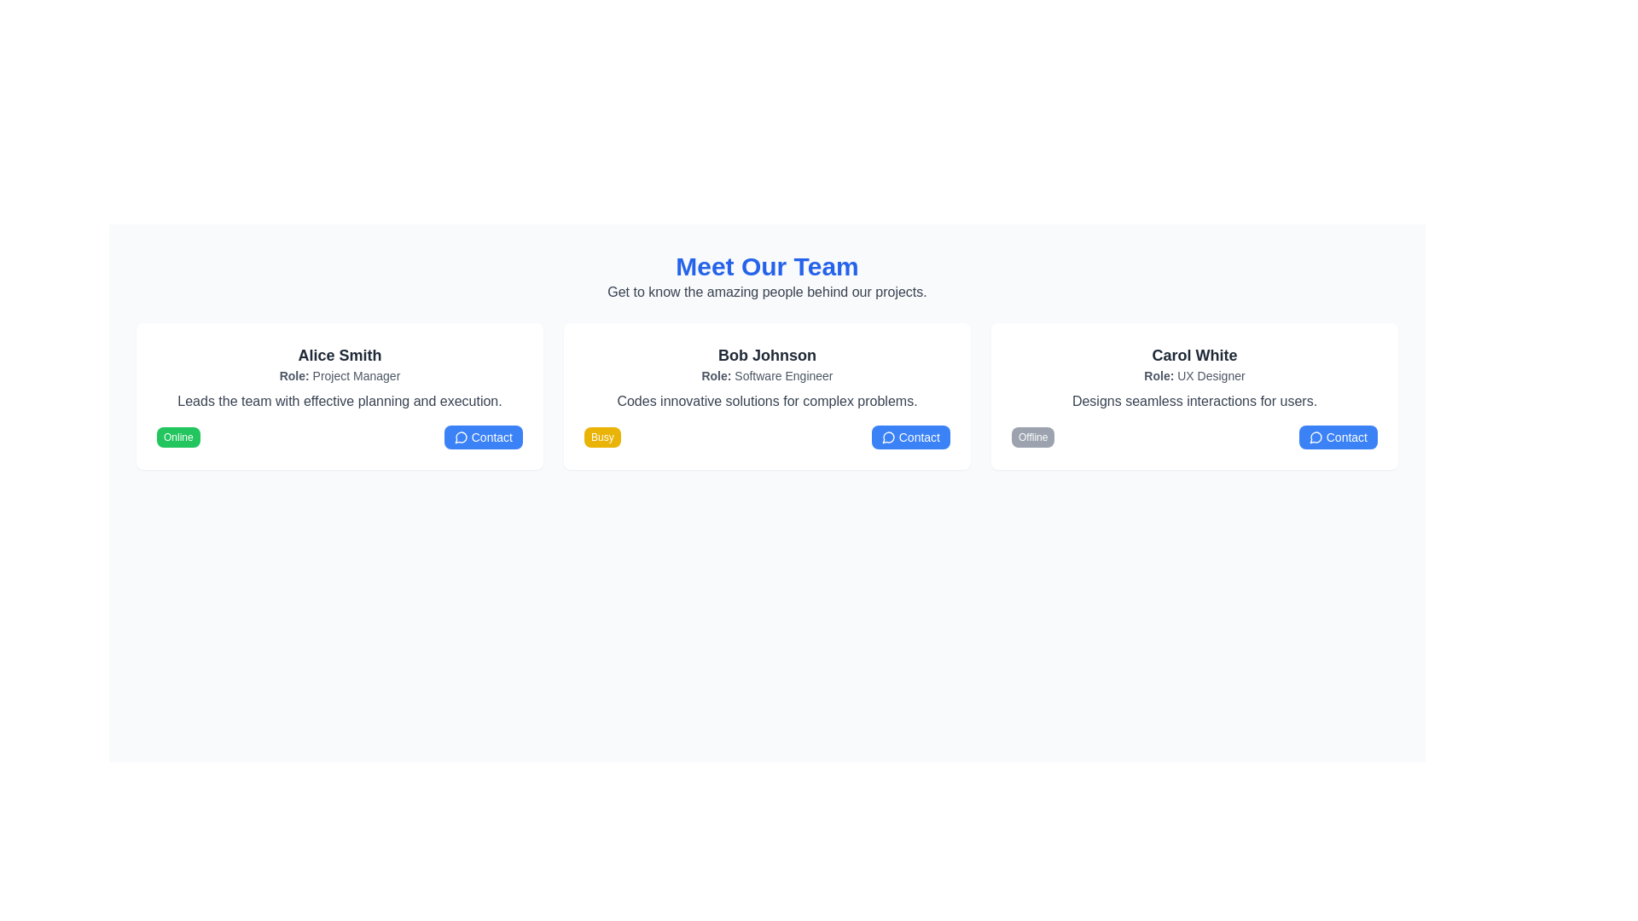  I want to click on the speech bubble icon within the 'Contact' button, which is the third button in the horizontal group below the 'Carol White' card, so click(1315, 437).